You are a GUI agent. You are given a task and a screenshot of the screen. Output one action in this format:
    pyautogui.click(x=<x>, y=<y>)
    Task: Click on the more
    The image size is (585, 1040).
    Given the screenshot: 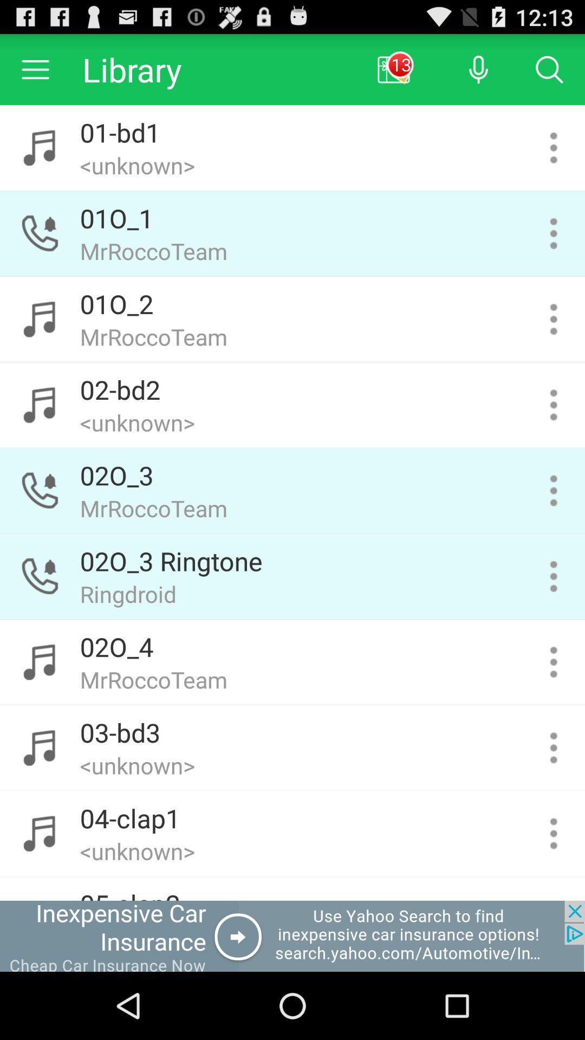 What is the action you would take?
    pyautogui.click(x=554, y=404)
    